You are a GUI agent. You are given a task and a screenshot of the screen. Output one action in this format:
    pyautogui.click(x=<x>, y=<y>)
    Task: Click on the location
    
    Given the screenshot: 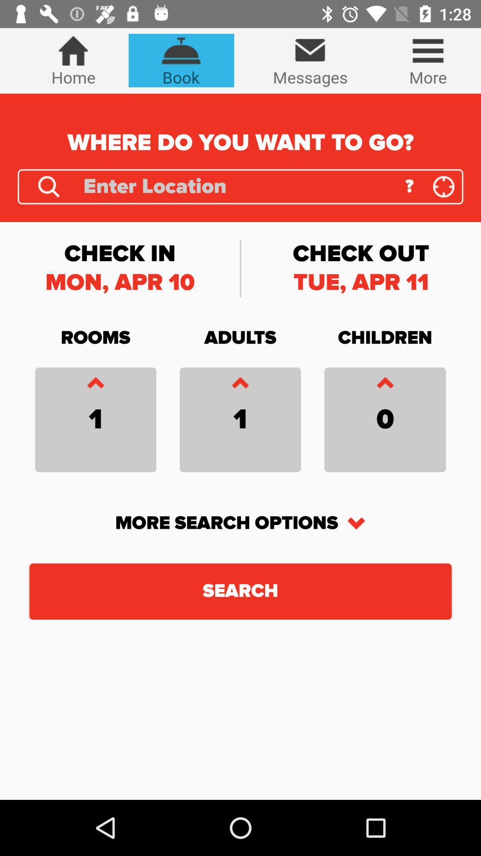 What is the action you would take?
    pyautogui.click(x=49, y=186)
    